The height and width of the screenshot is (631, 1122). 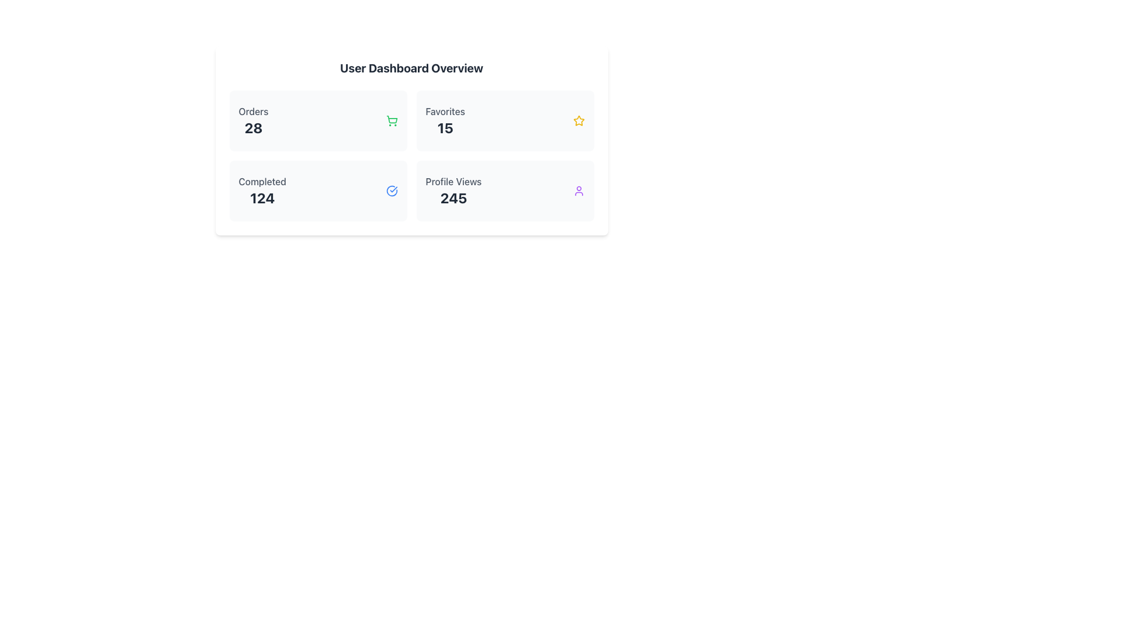 What do you see at coordinates (578, 120) in the screenshot?
I see `the star icon representing the 'Favorites' section of the dashboard, located adjacent to the 'Favorites' label and aligned with the 'Profile Views' metric` at bounding box center [578, 120].